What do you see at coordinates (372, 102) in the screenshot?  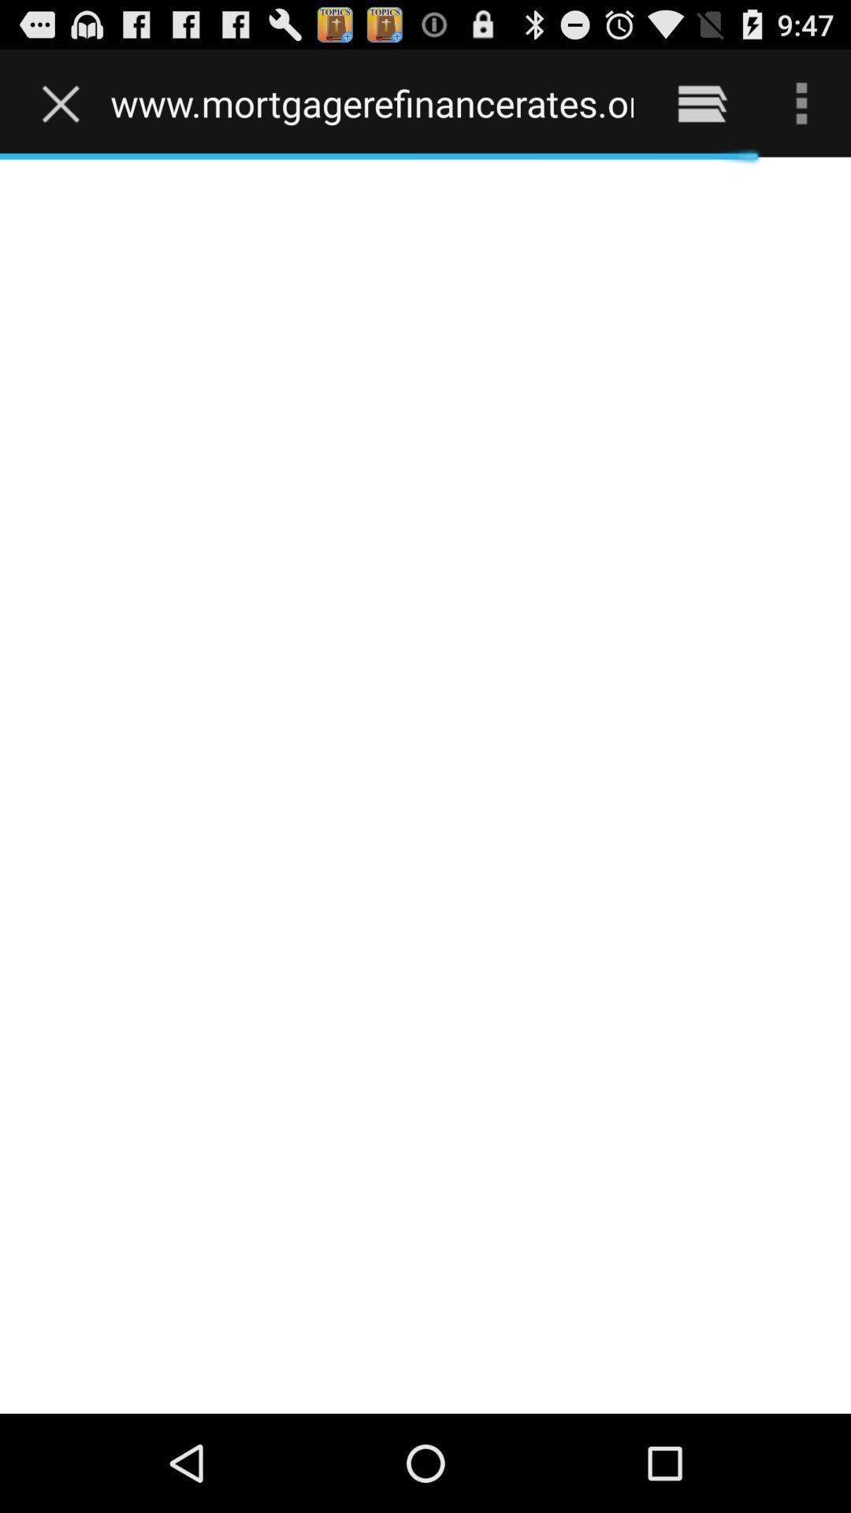 I see `www mortgagerefinancerates org icon` at bounding box center [372, 102].